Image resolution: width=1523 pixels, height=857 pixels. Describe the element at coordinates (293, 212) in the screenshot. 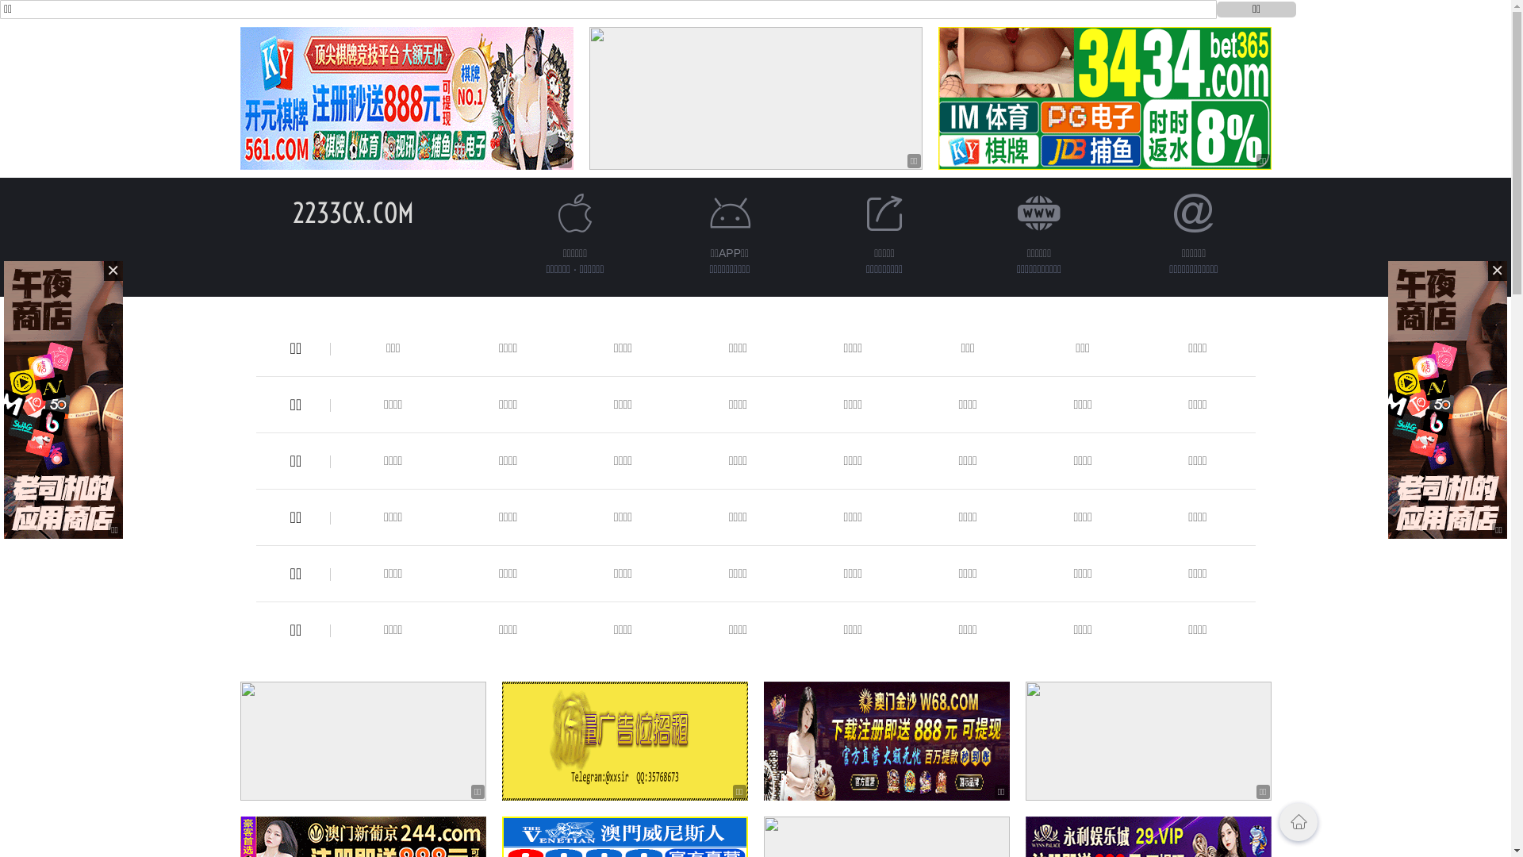

I see `'2233CX.COM'` at that location.